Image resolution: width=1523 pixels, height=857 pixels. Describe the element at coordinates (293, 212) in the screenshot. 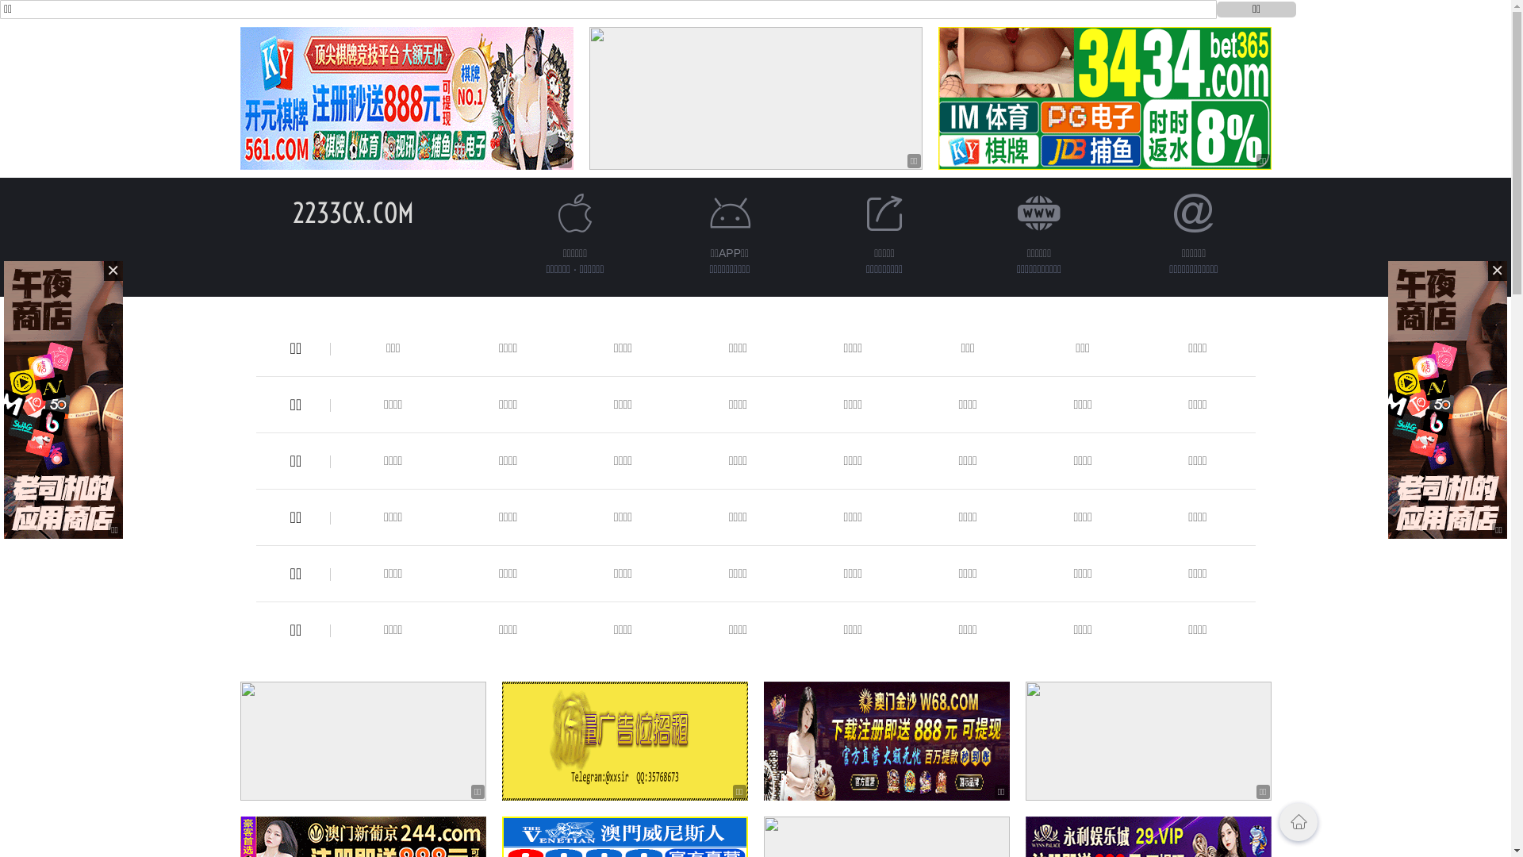

I see `'2233CX.COM'` at that location.